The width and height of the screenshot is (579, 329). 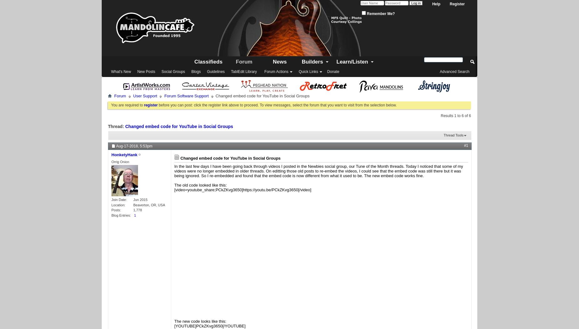 I want to click on 'What's New', so click(x=120, y=71).